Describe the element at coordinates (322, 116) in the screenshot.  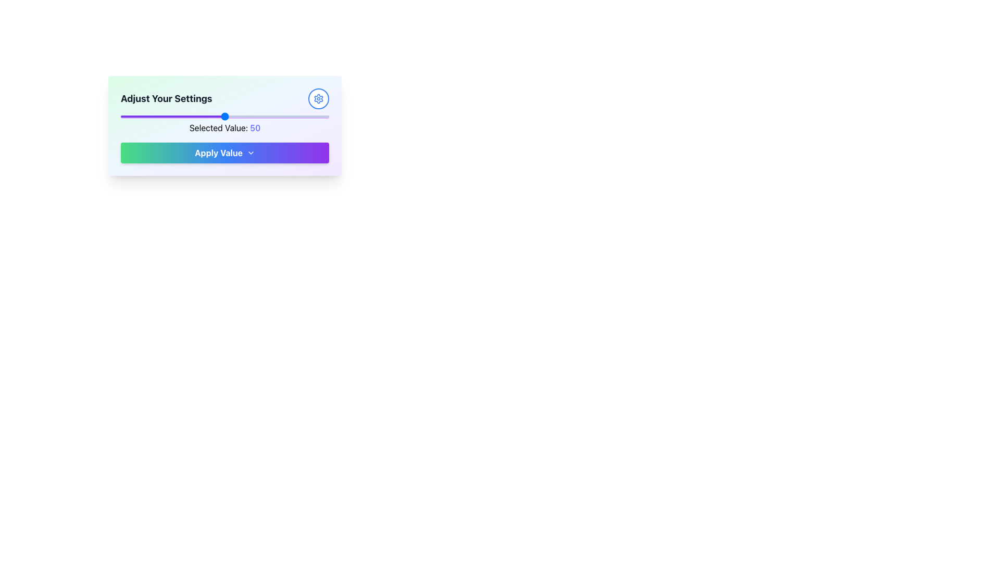
I see `the slider` at that location.